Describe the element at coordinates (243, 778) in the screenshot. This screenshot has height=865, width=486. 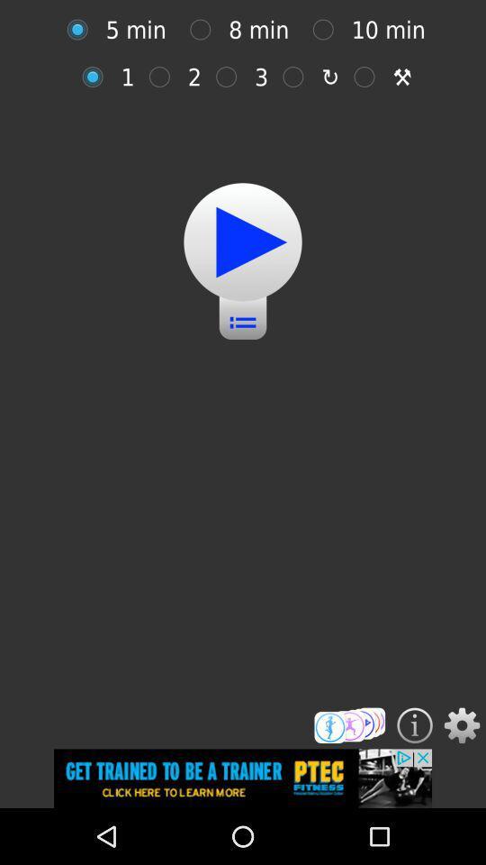
I see `open advertisement` at that location.